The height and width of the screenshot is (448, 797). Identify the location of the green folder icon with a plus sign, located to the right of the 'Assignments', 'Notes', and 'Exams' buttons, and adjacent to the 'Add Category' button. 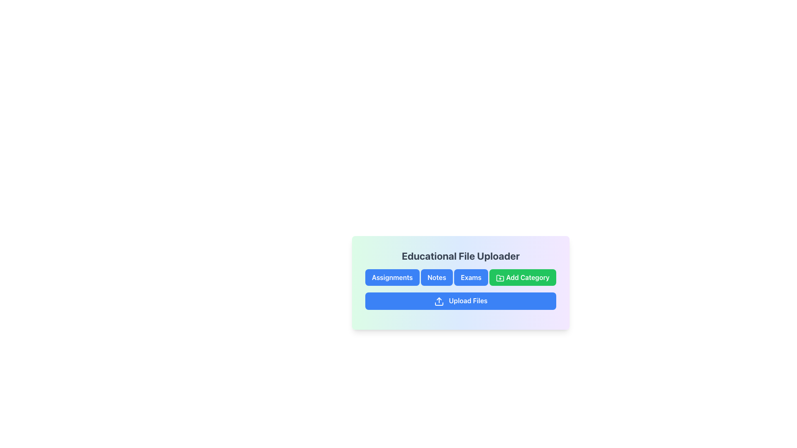
(500, 278).